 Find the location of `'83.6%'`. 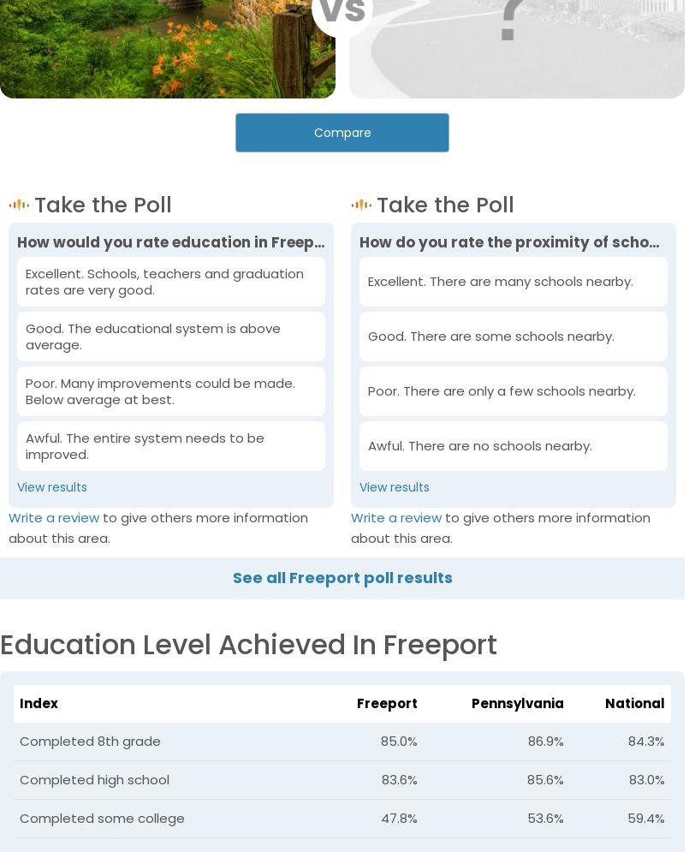

'83.6%' is located at coordinates (399, 778).